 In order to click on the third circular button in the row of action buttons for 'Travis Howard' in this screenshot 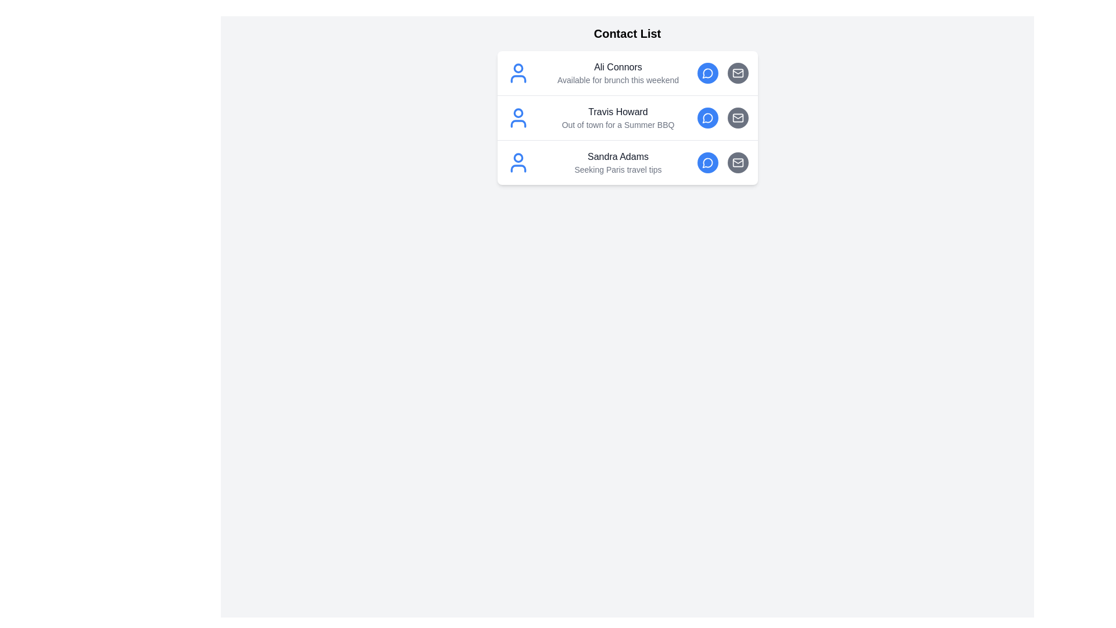, I will do `click(737, 118)`.